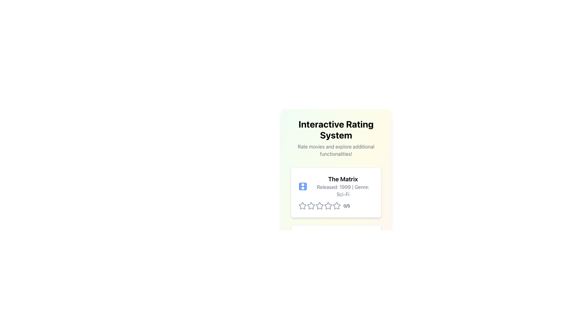 The width and height of the screenshot is (584, 328). What do you see at coordinates (328, 205) in the screenshot?
I see `the third star icon from the left in the row of star icons used for rating` at bounding box center [328, 205].